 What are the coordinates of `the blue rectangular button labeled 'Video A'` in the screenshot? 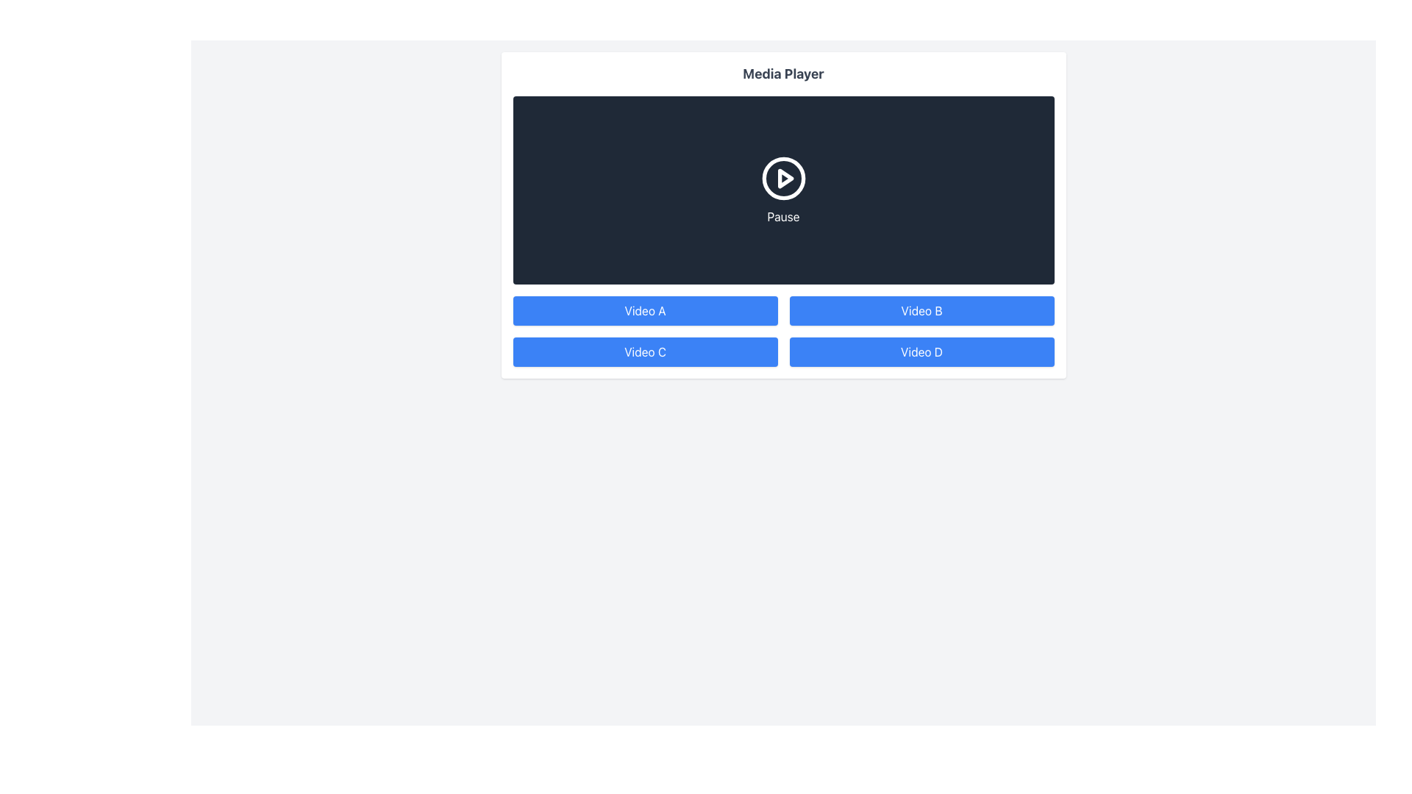 It's located at (645, 310).